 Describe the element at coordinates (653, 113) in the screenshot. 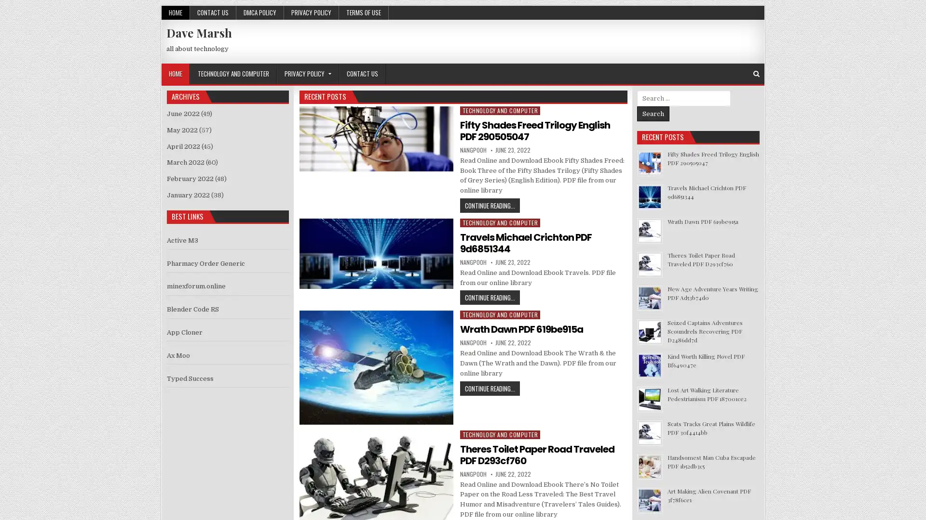

I see `Search` at that location.